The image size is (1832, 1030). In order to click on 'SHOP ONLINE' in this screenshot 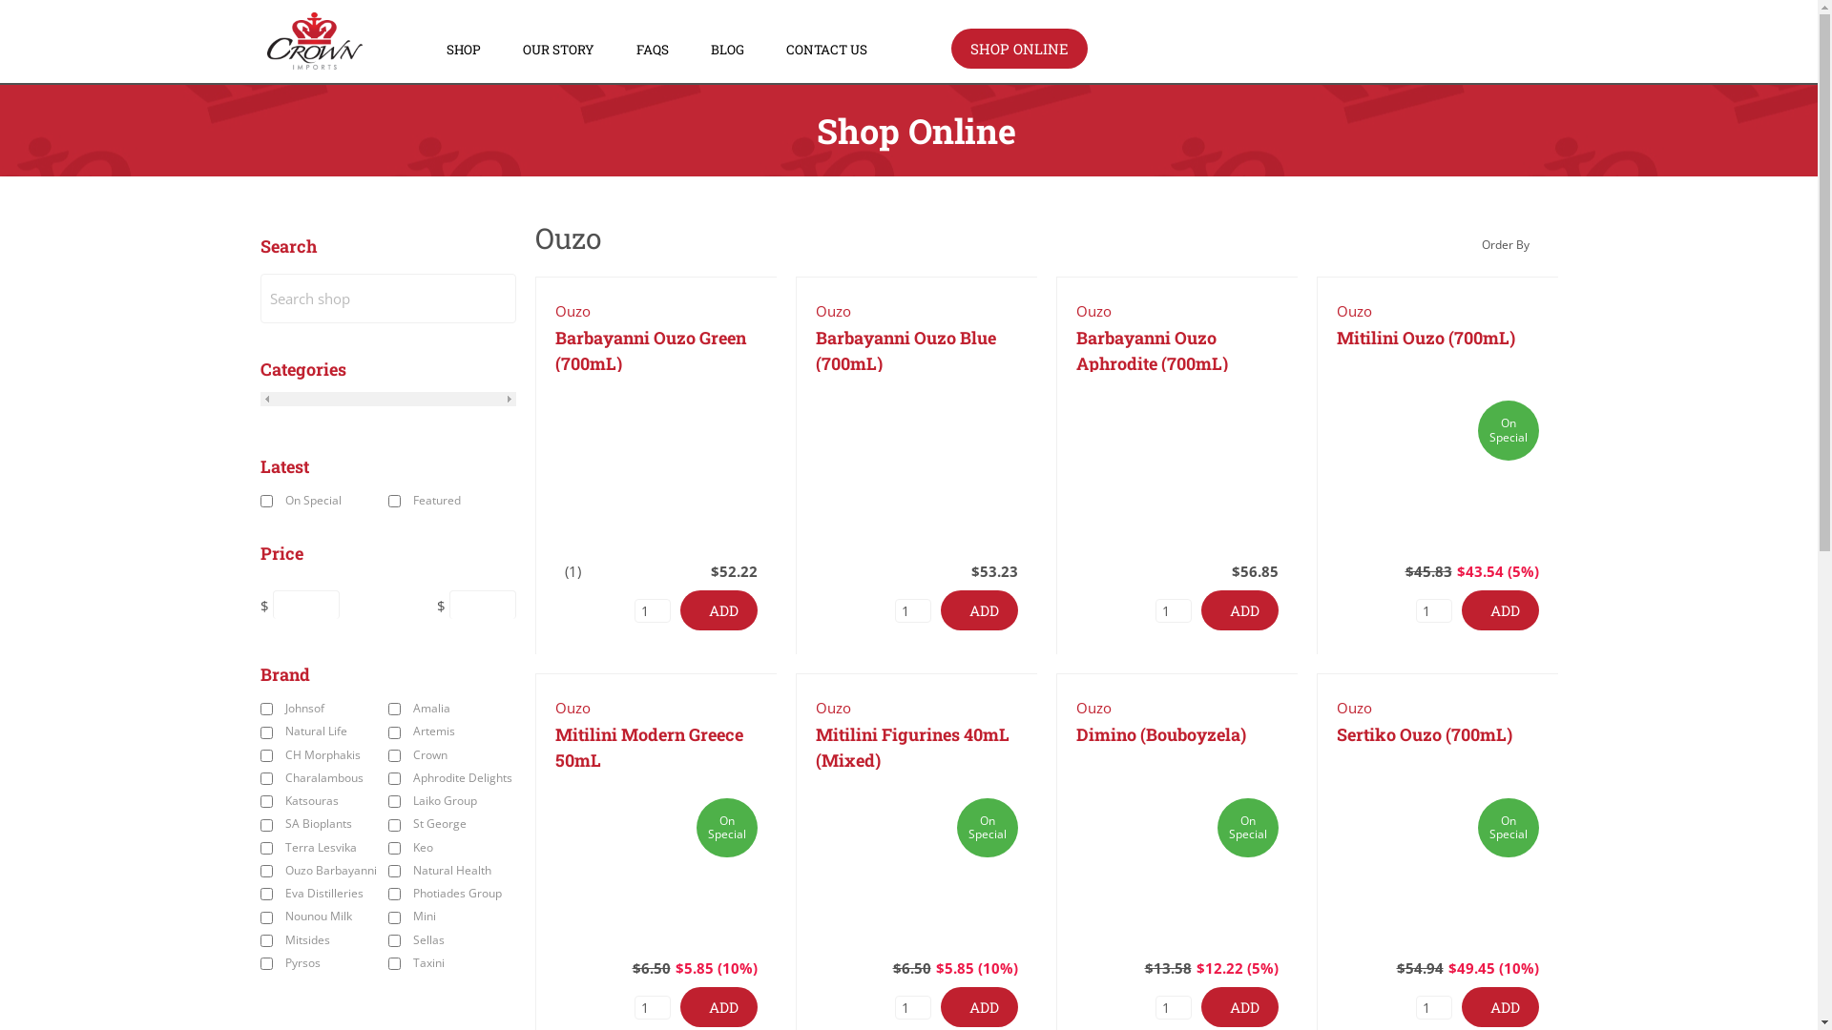, I will do `click(951, 48)`.